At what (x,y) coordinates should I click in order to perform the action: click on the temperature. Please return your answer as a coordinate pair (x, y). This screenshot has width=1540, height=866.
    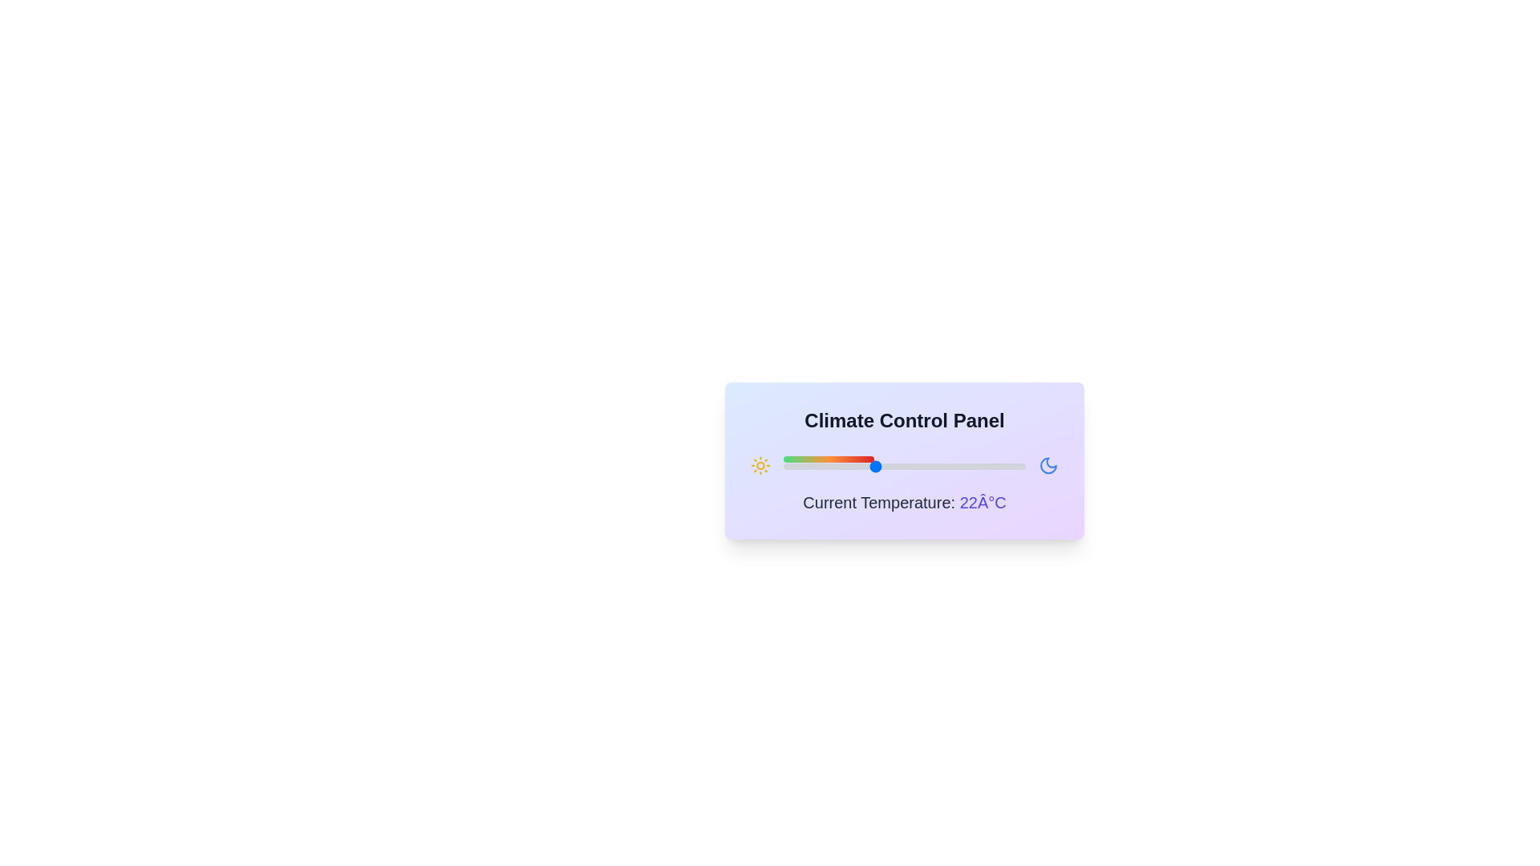
    Looking at the image, I should click on (979, 467).